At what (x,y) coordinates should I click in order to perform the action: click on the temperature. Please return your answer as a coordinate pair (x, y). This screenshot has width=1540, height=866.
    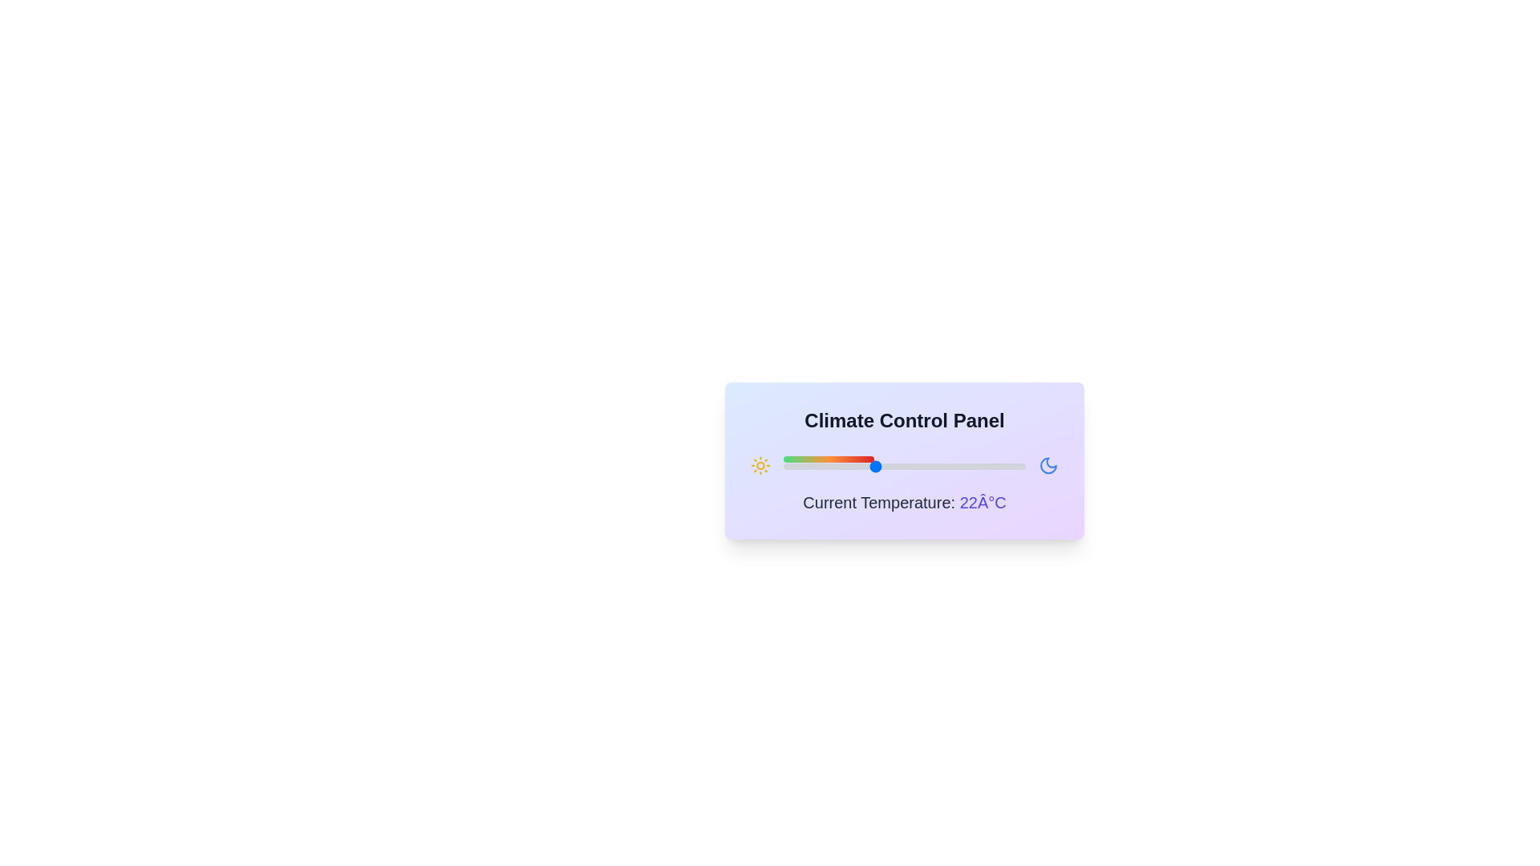
    Looking at the image, I should click on (979, 467).